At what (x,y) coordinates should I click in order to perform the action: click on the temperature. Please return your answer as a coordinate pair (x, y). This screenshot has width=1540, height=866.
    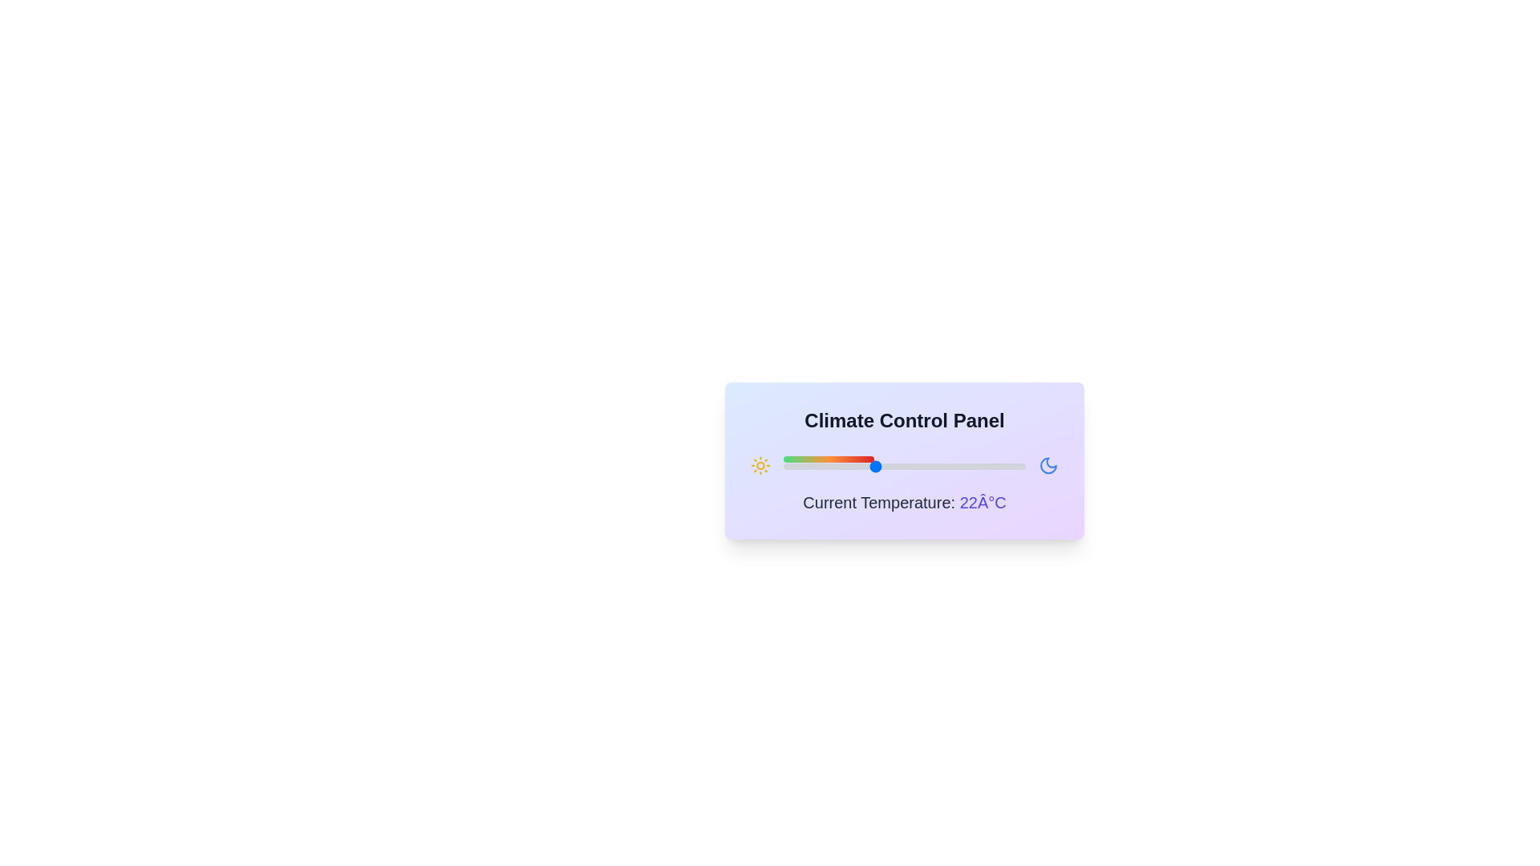
    Looking at the image, I should click on (979, 467).